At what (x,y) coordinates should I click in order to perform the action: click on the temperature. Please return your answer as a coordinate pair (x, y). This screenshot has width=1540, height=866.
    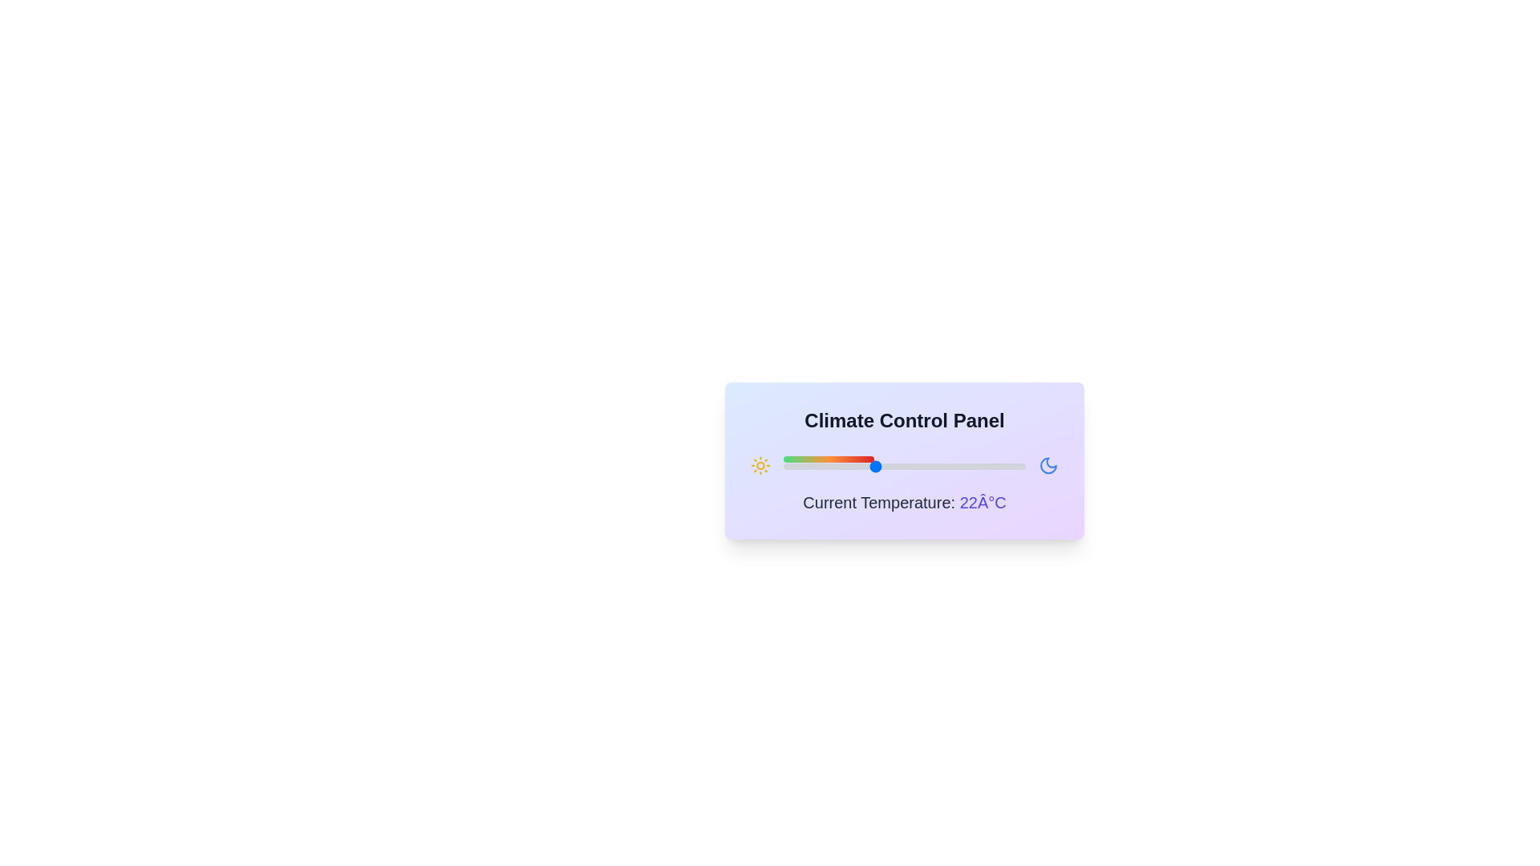
    Looking at the image, I should click on (979, 467).